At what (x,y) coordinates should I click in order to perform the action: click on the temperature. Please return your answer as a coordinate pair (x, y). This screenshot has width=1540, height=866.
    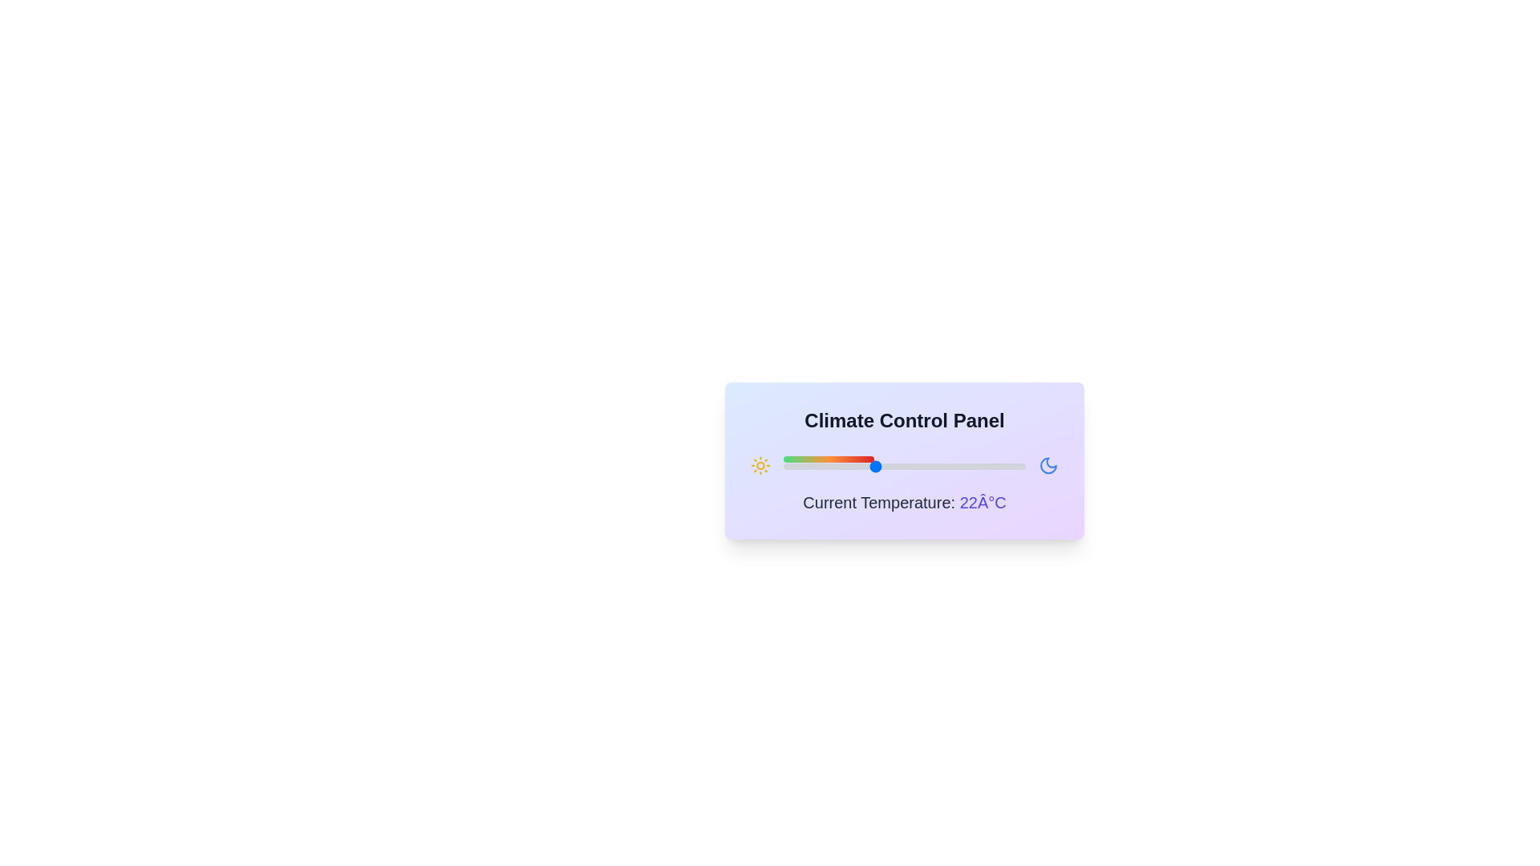
    Looking at the image, I should click on (979, 467).